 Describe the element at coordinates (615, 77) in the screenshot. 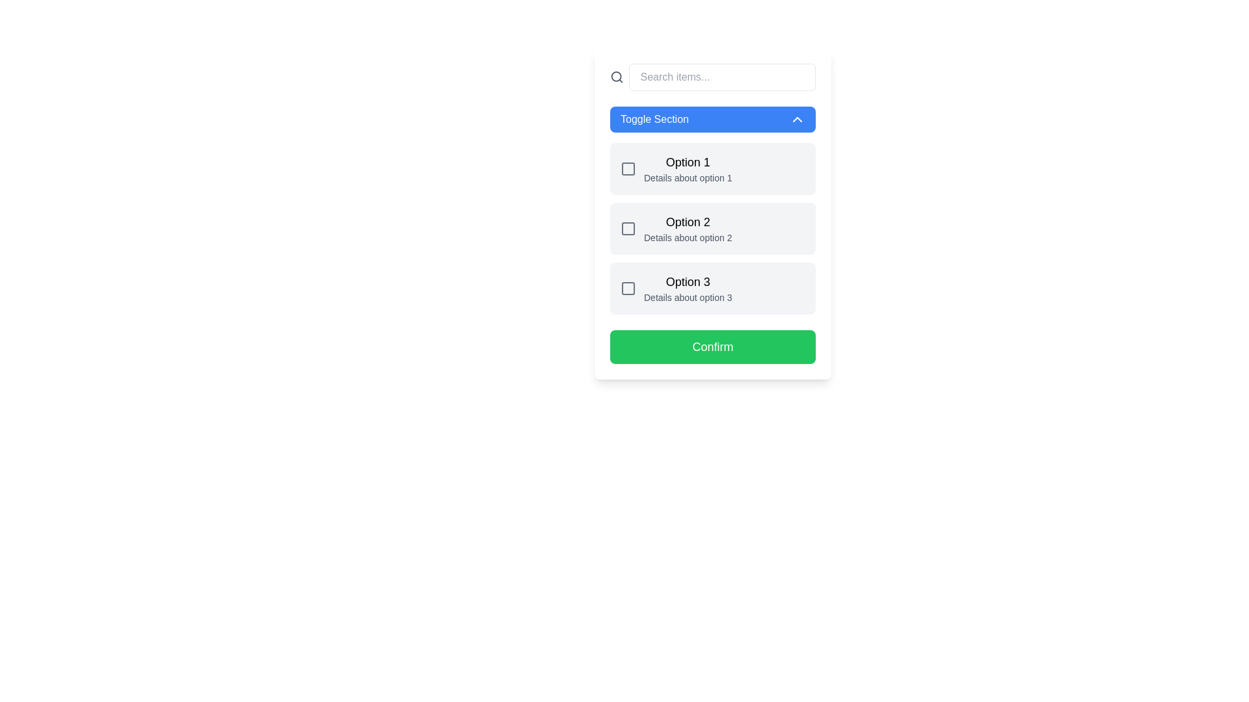

I see `the circular shape within the search icon located at the top left of the interface, which signifies the search functionality of the adjacent input field` at that location.